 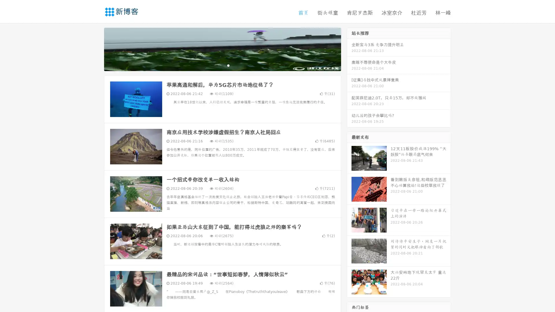 What do you see at coordinates (216, 65) in the screenshot?
I see `Go to slide 1` at bounding box center [216, 65].